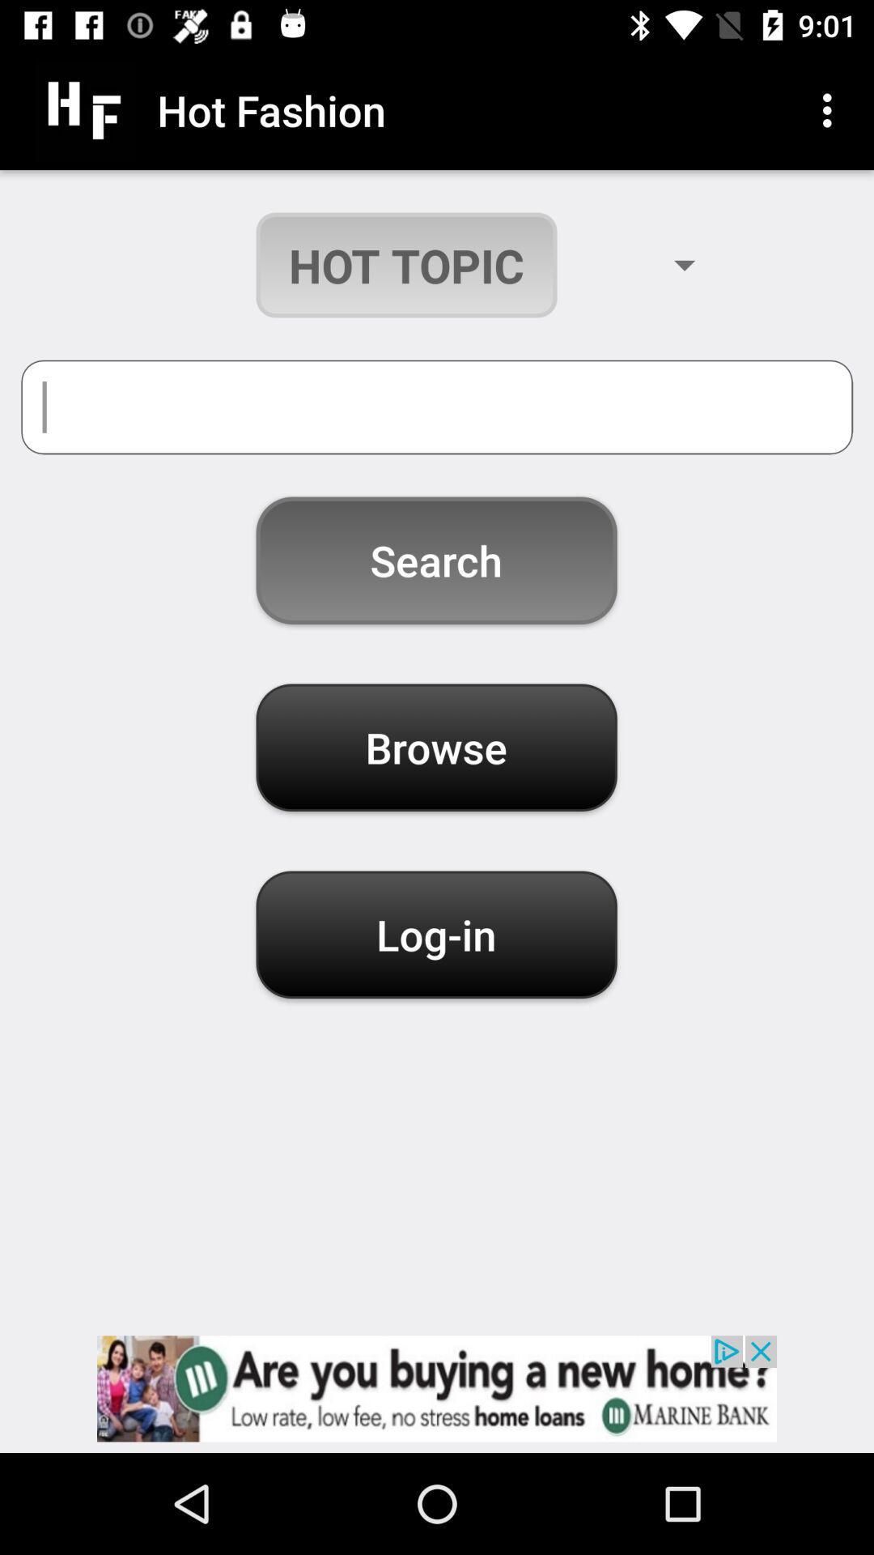 Image resolution: width=874 pixels, height=1555 pixels. Describe the element at coordinates (437, 1387) in the screenshot. I see `advertisement` at that location.